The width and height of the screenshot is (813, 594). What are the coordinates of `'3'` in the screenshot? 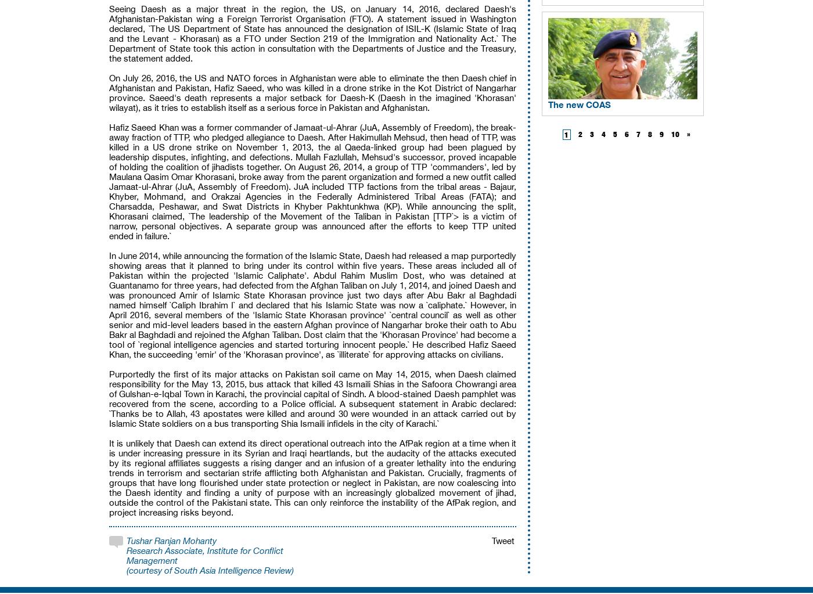 It's located at (591, 132).